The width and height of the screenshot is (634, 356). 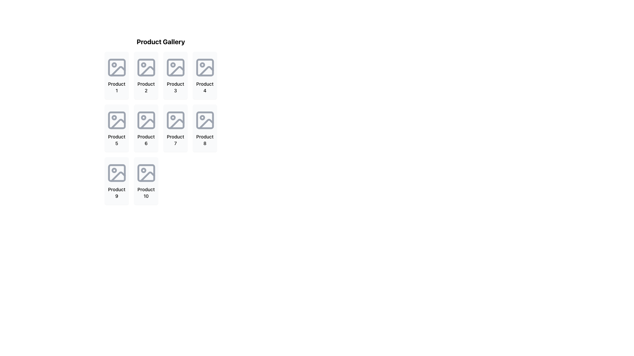 I want to click on the icon representing an image in the card for 'Product 2', which is styled with gray lines and located in the top center of the card in the grid layout, so click(x=146, y=67).